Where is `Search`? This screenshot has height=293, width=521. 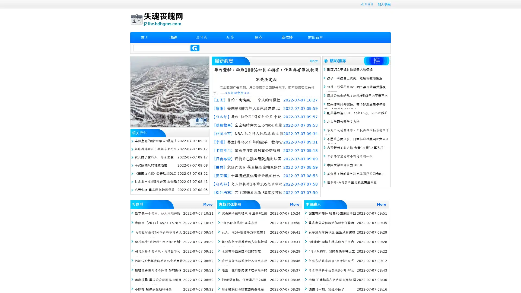
Search is located at coordinates (195, 48).